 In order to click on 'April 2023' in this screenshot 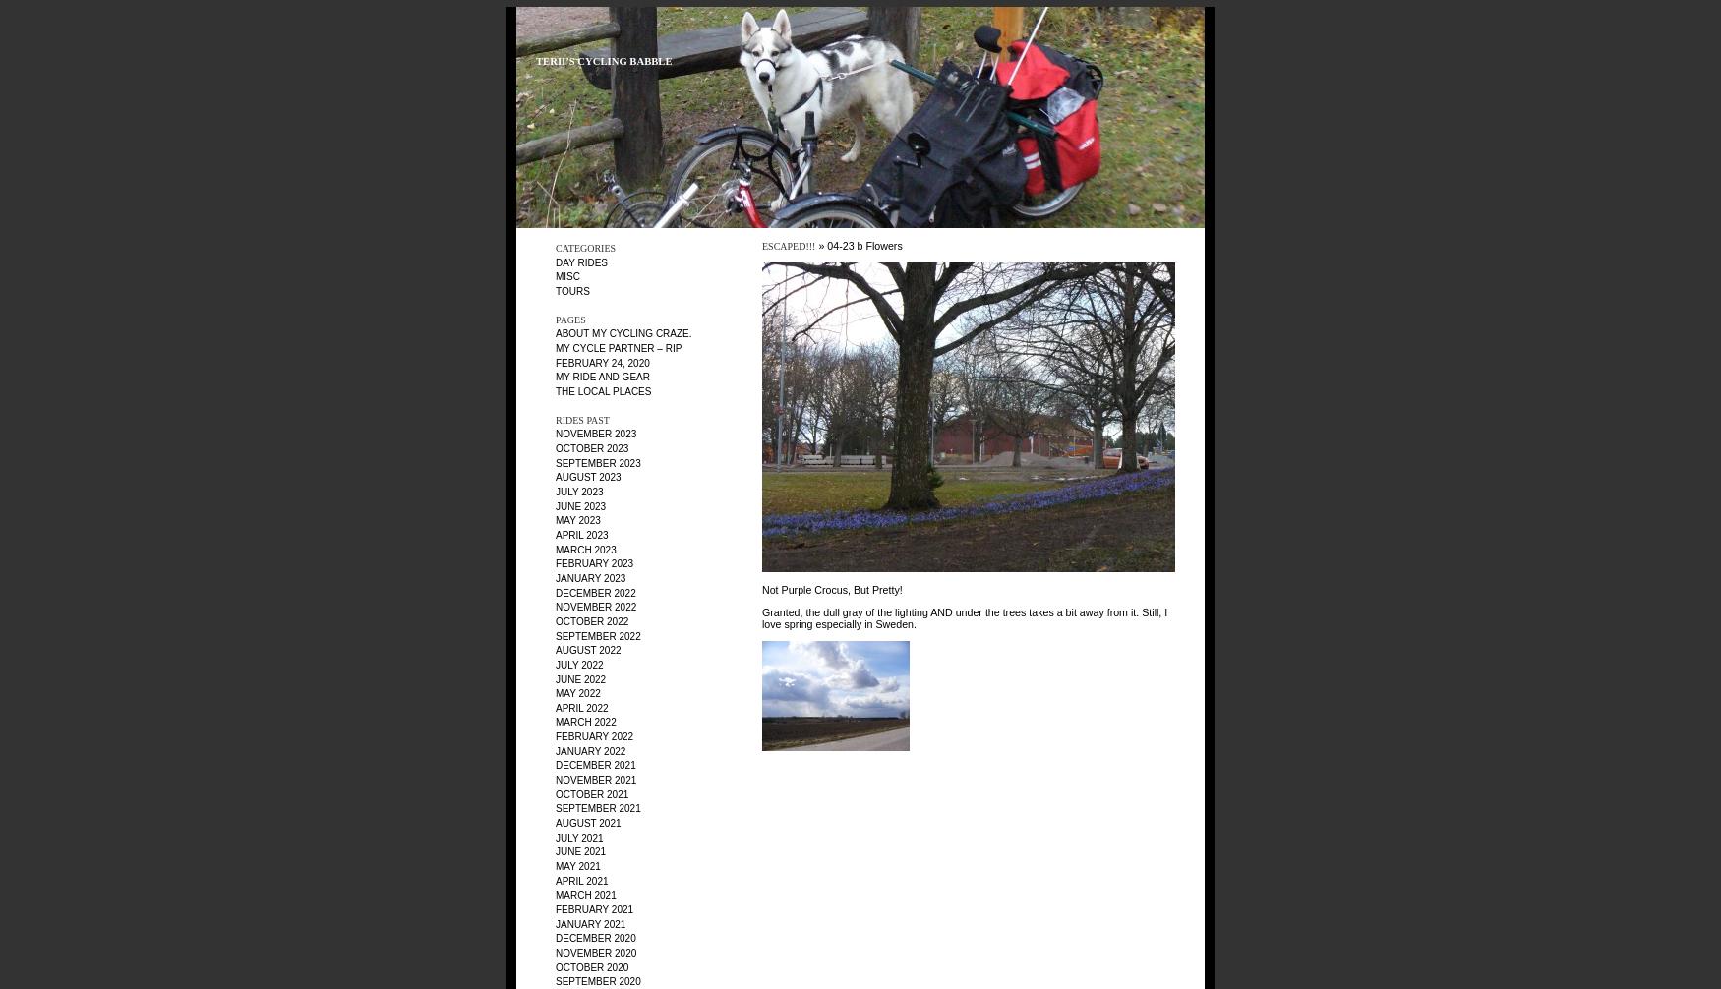, I will do `click(581, 534)`.